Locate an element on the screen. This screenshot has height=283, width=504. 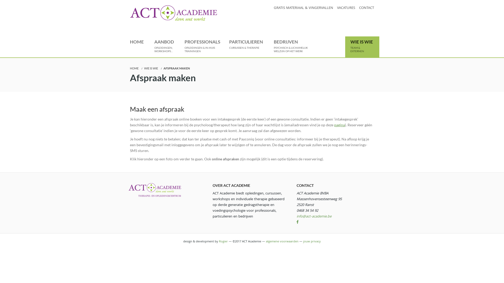
'ACT Academie' is located at coordinates (174, 13).